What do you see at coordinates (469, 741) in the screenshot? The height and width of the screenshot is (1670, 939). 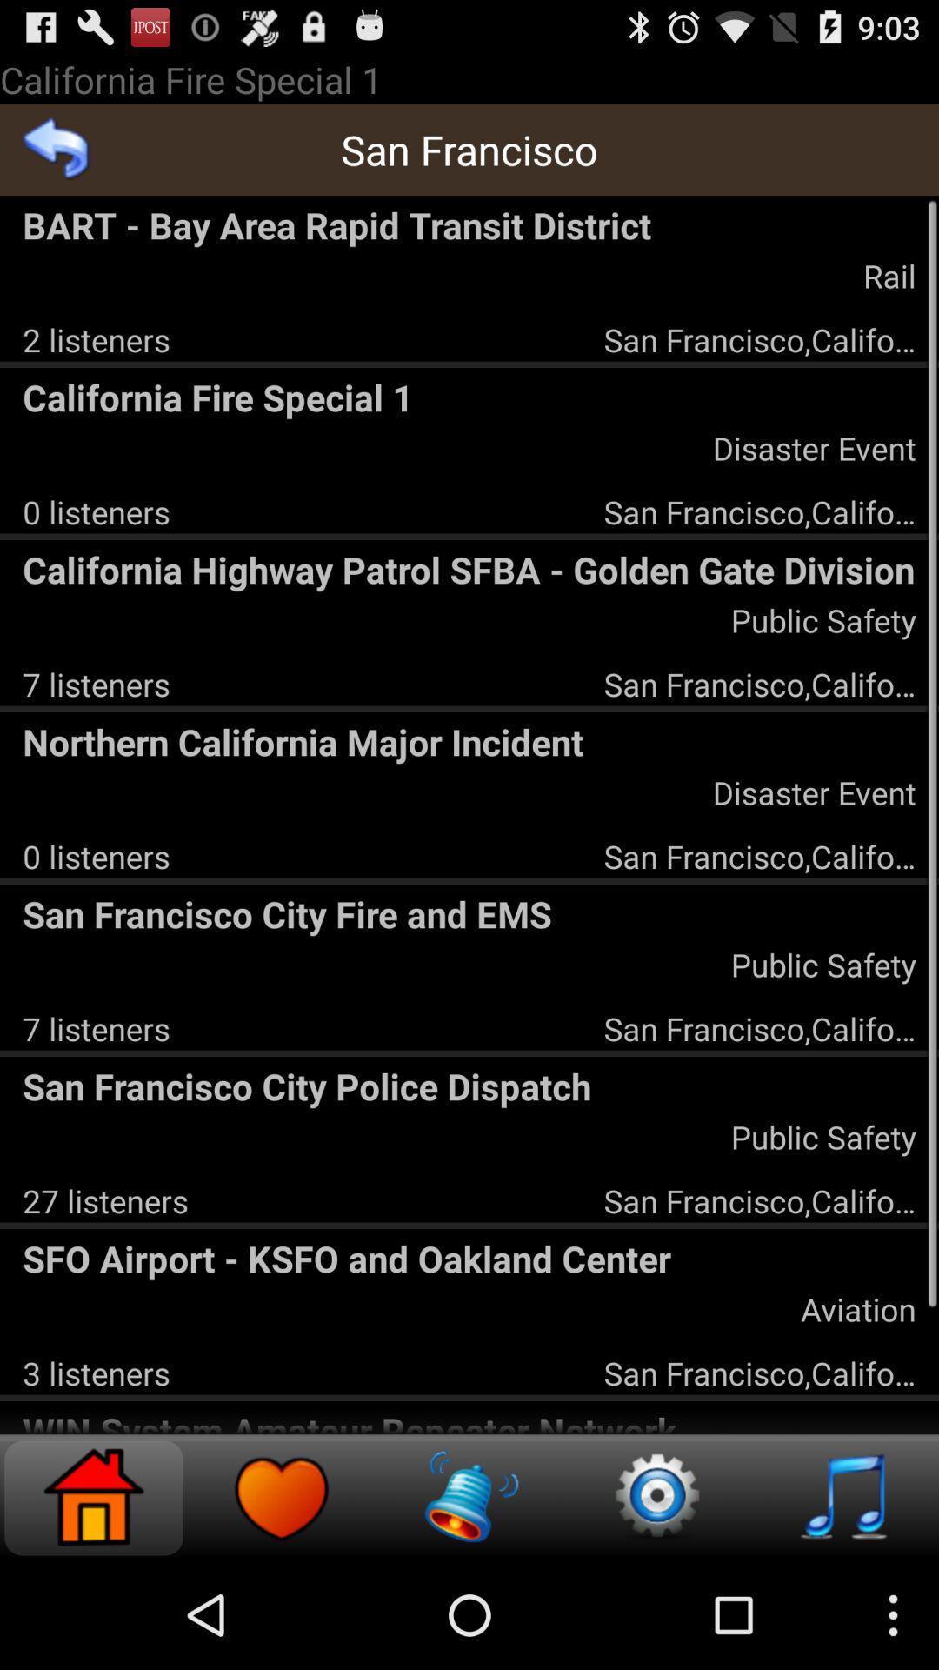 I see `northern california major` at bounding box center [469, 741].